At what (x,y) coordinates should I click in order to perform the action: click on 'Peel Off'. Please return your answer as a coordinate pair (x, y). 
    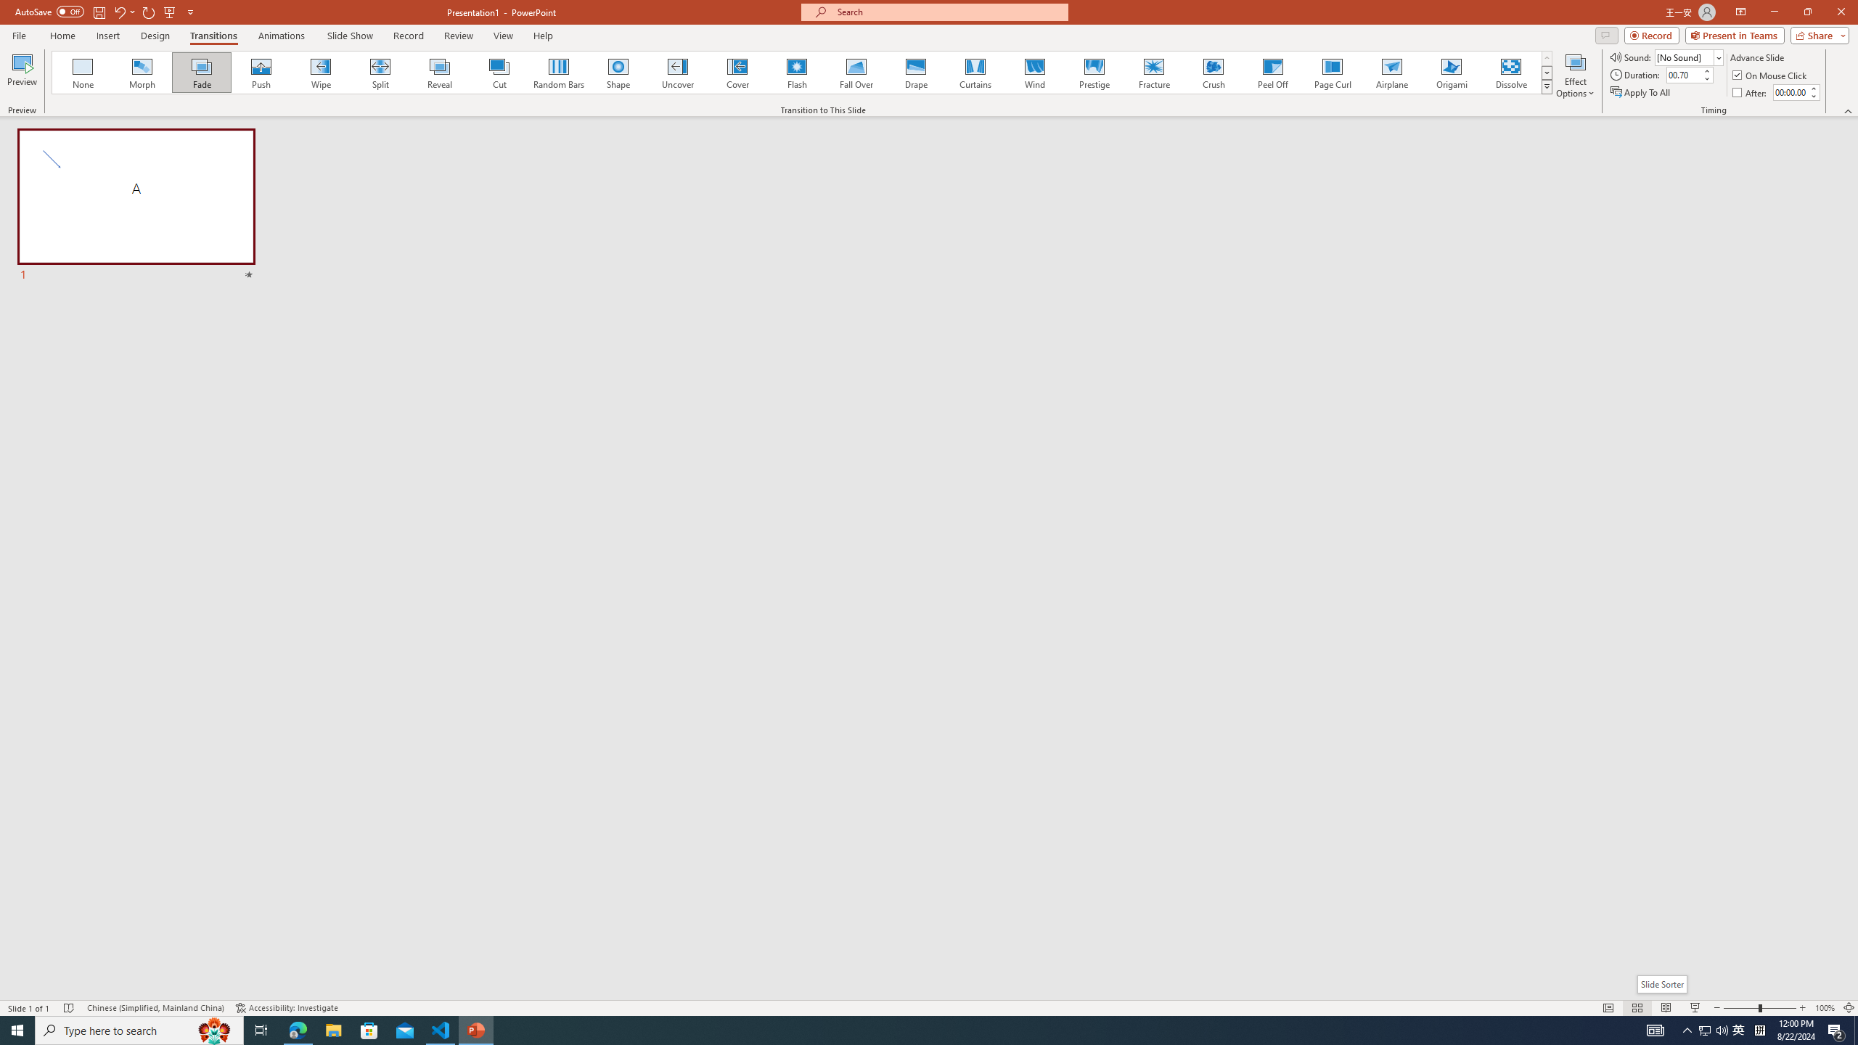
    Looking at the image, I should click on (1272, 72).